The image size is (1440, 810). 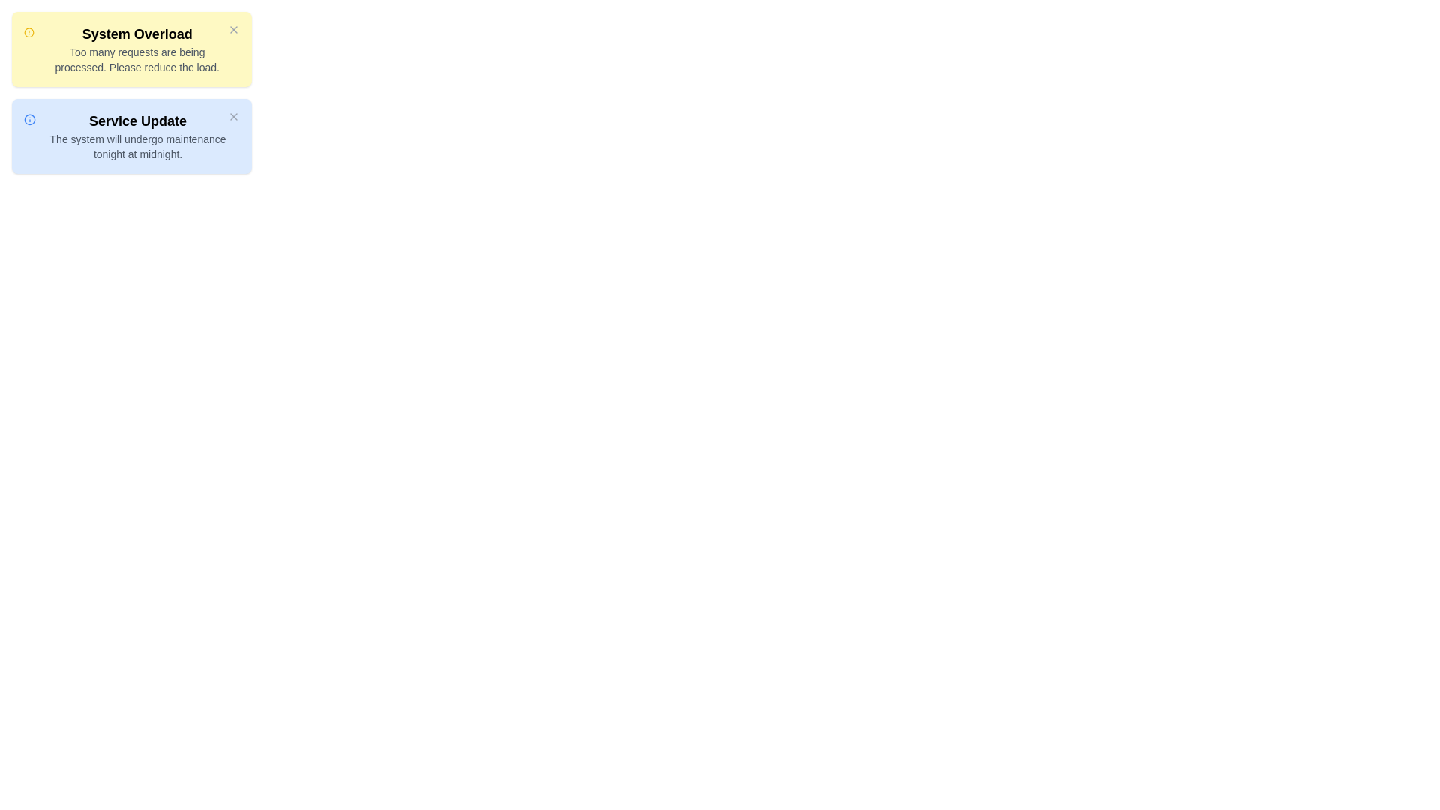 What do you see at coordinates (233, 115) in the screenshot?
I see `the close button located at the top-right corner of the notification card that dismisses the message 'The system will undergo maintenance tonight at midnight.'` at bounding box center [233, 115].